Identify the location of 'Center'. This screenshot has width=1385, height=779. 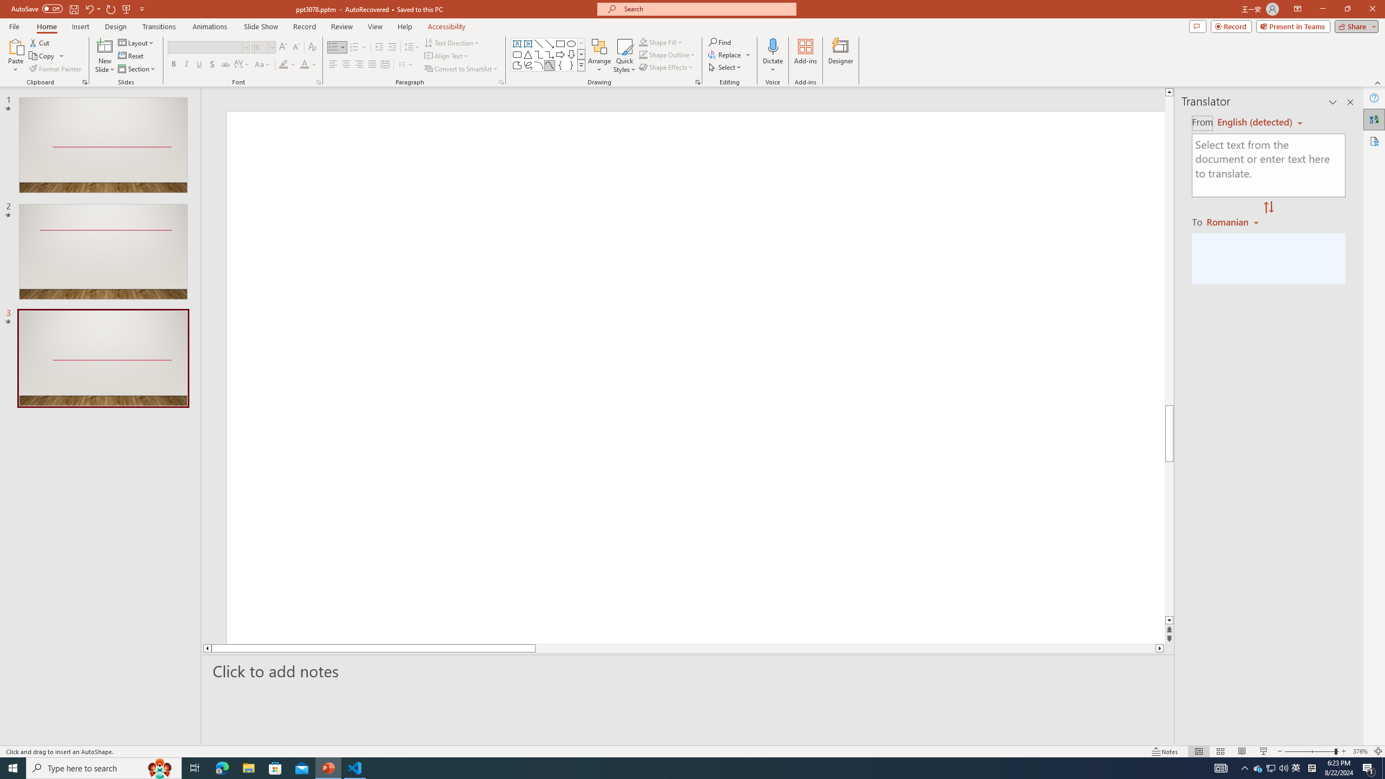
(346, 64).